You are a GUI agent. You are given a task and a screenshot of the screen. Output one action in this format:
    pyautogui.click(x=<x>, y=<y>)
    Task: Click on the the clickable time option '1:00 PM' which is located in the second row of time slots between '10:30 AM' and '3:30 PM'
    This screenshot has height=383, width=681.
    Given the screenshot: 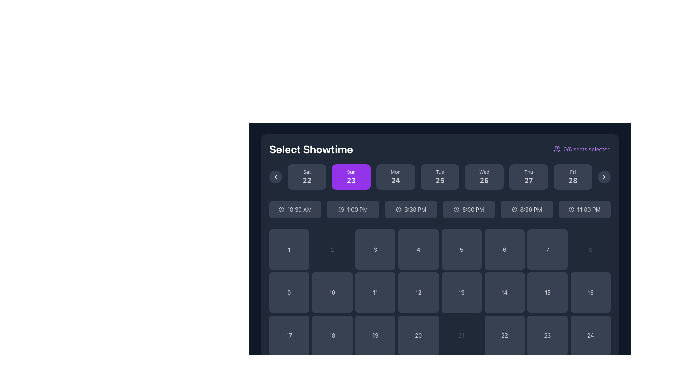 What is the action you would take?
    pyautogui.click(x=357, y=209)
    